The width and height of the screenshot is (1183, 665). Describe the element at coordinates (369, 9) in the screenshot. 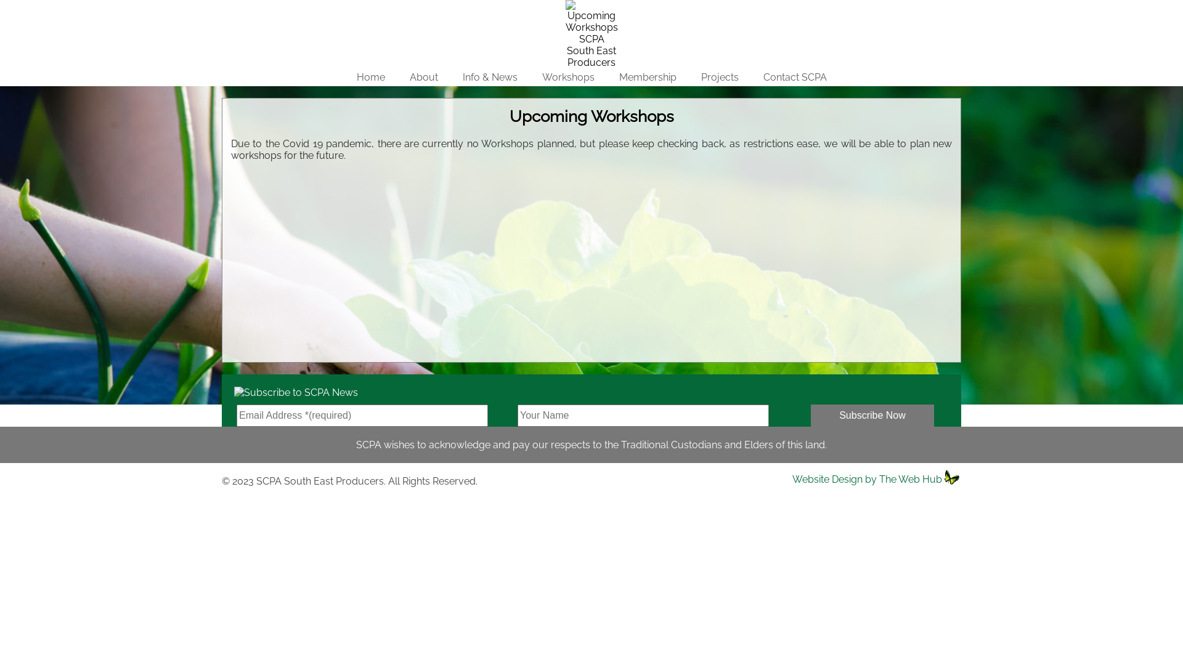

I see `'Home'` at that location.